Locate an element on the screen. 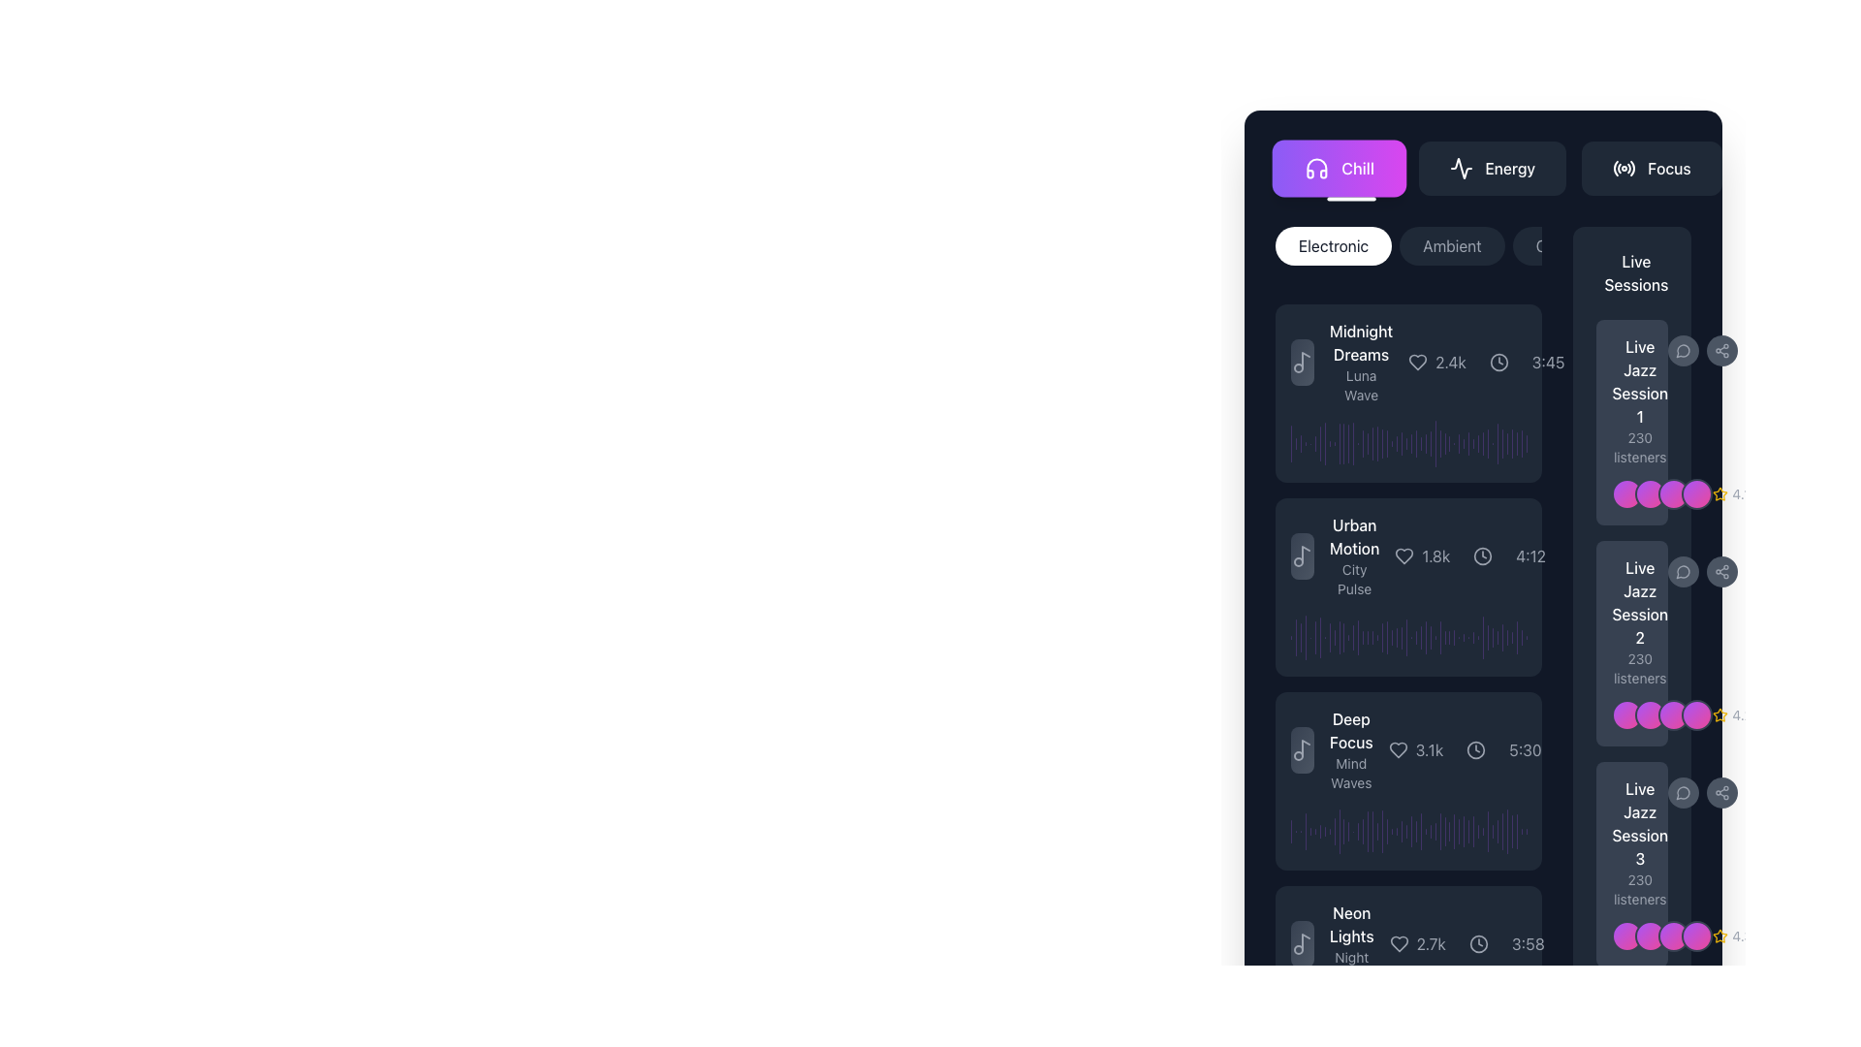 This screenshot has height=1047, width=1861. the data represented by the last purple vertical bar in the bar chart, which has rounded ends and lighter opacity, located near the right edge of the interface is located at coordinates (1482, 638).